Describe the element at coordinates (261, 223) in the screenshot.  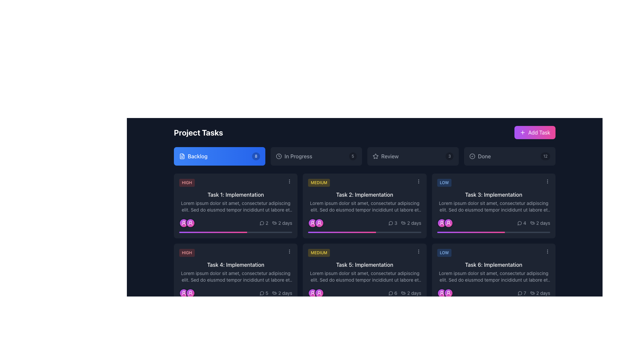
I see `the monochromatic speech bubble icon outlined in light gray or white, located slightly to the left of the numerical indicator '2' in the bottom-right corner of the task card labeled 'Task 1: Implementation'` at that location.